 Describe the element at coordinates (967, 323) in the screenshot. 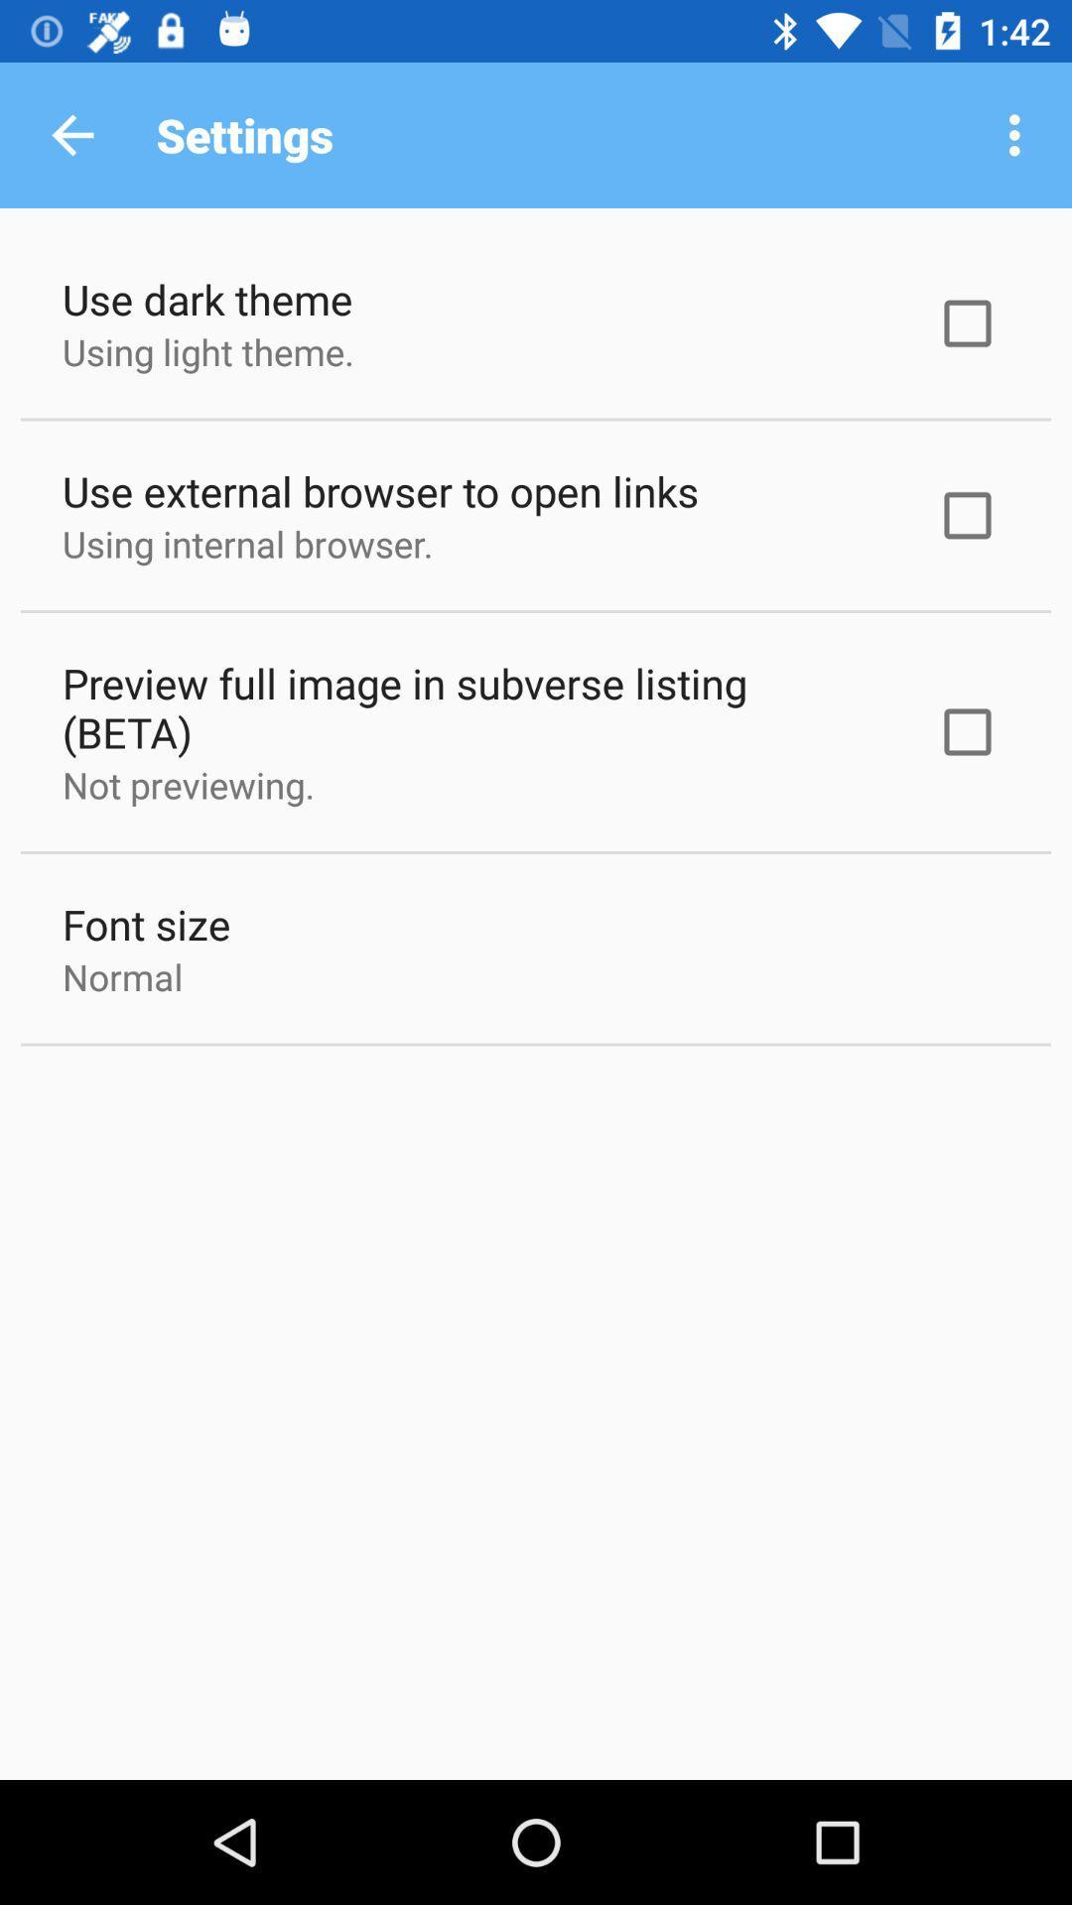

I see `the blank option on the right` at that location.